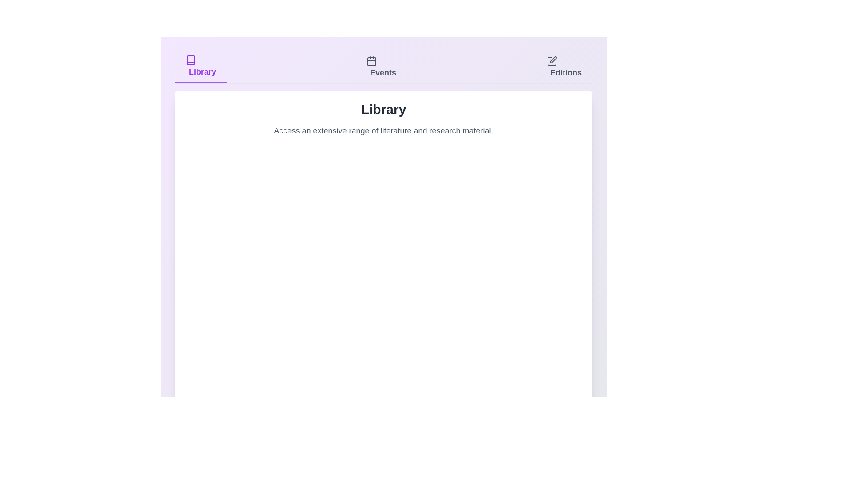 The image size is (852, 479). Describe the element at coordinates (564, 67) in the screenshot. I see `the Editions tab to change the active tab` at that location.